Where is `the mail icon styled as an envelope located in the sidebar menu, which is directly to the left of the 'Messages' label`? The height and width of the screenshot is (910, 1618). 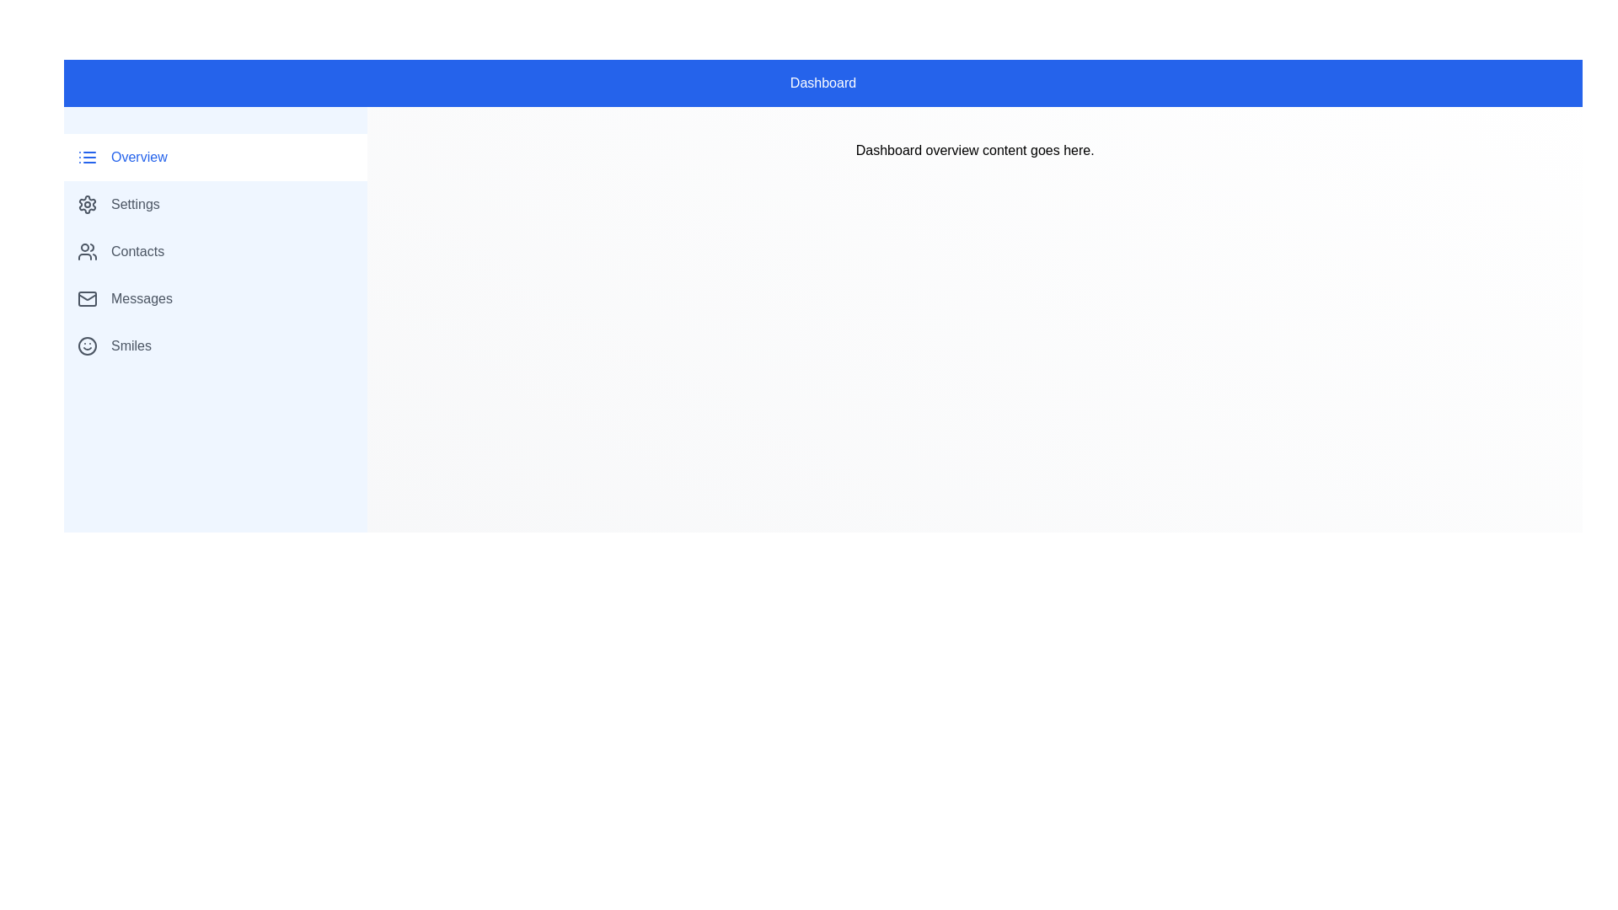 the mail icon styled as an envelope located in the sidebar menu, which is directly to the left of the 'Messages' label is located at coordinates (87, 297).